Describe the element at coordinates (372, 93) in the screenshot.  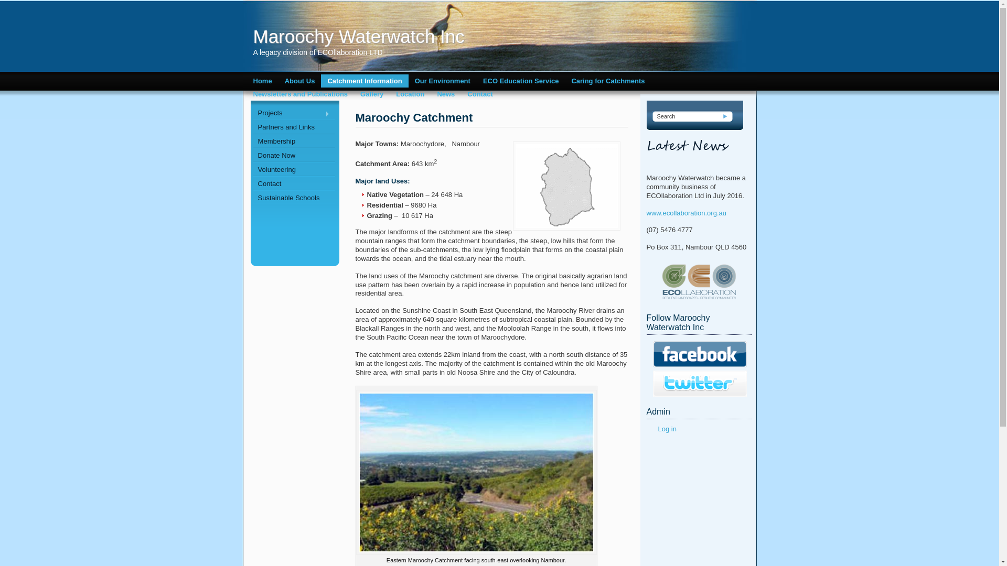
I see `'Gallery'` at that location.